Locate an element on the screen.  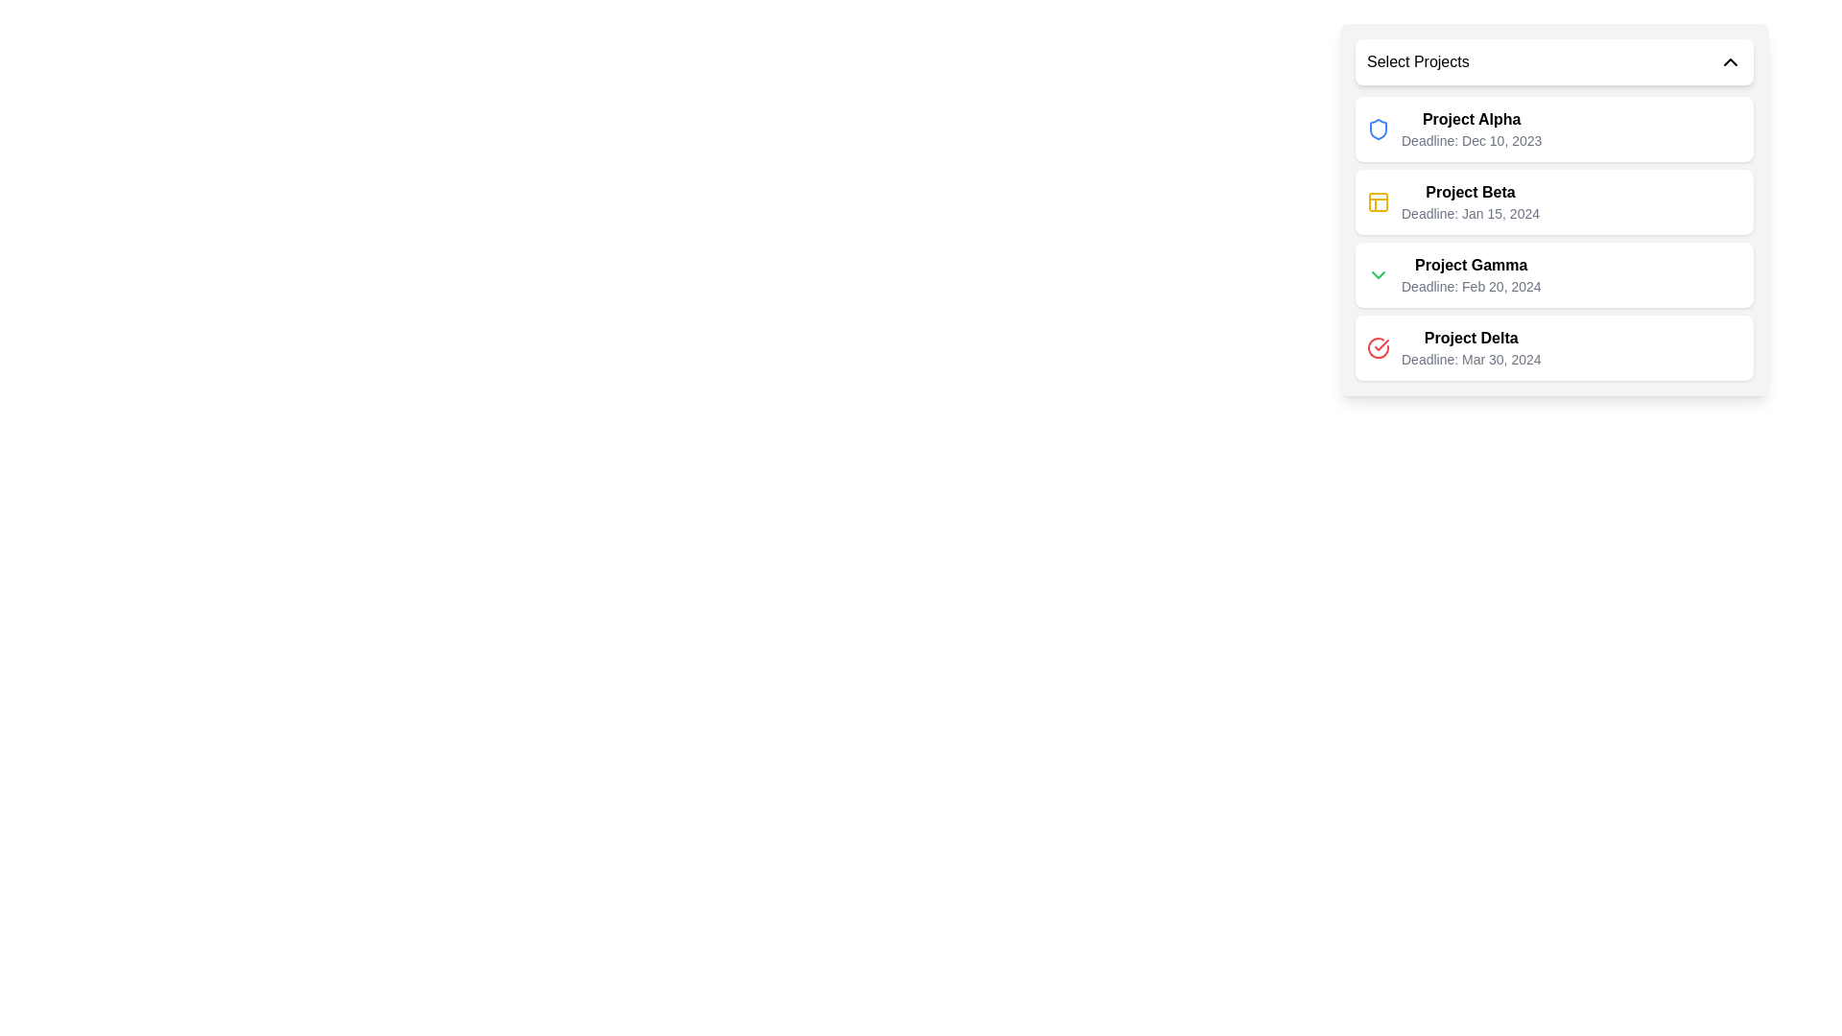
the shield-shaped blue icon located to the left of the project title 'Project Alpha' is located at coordinates (1377, 129).